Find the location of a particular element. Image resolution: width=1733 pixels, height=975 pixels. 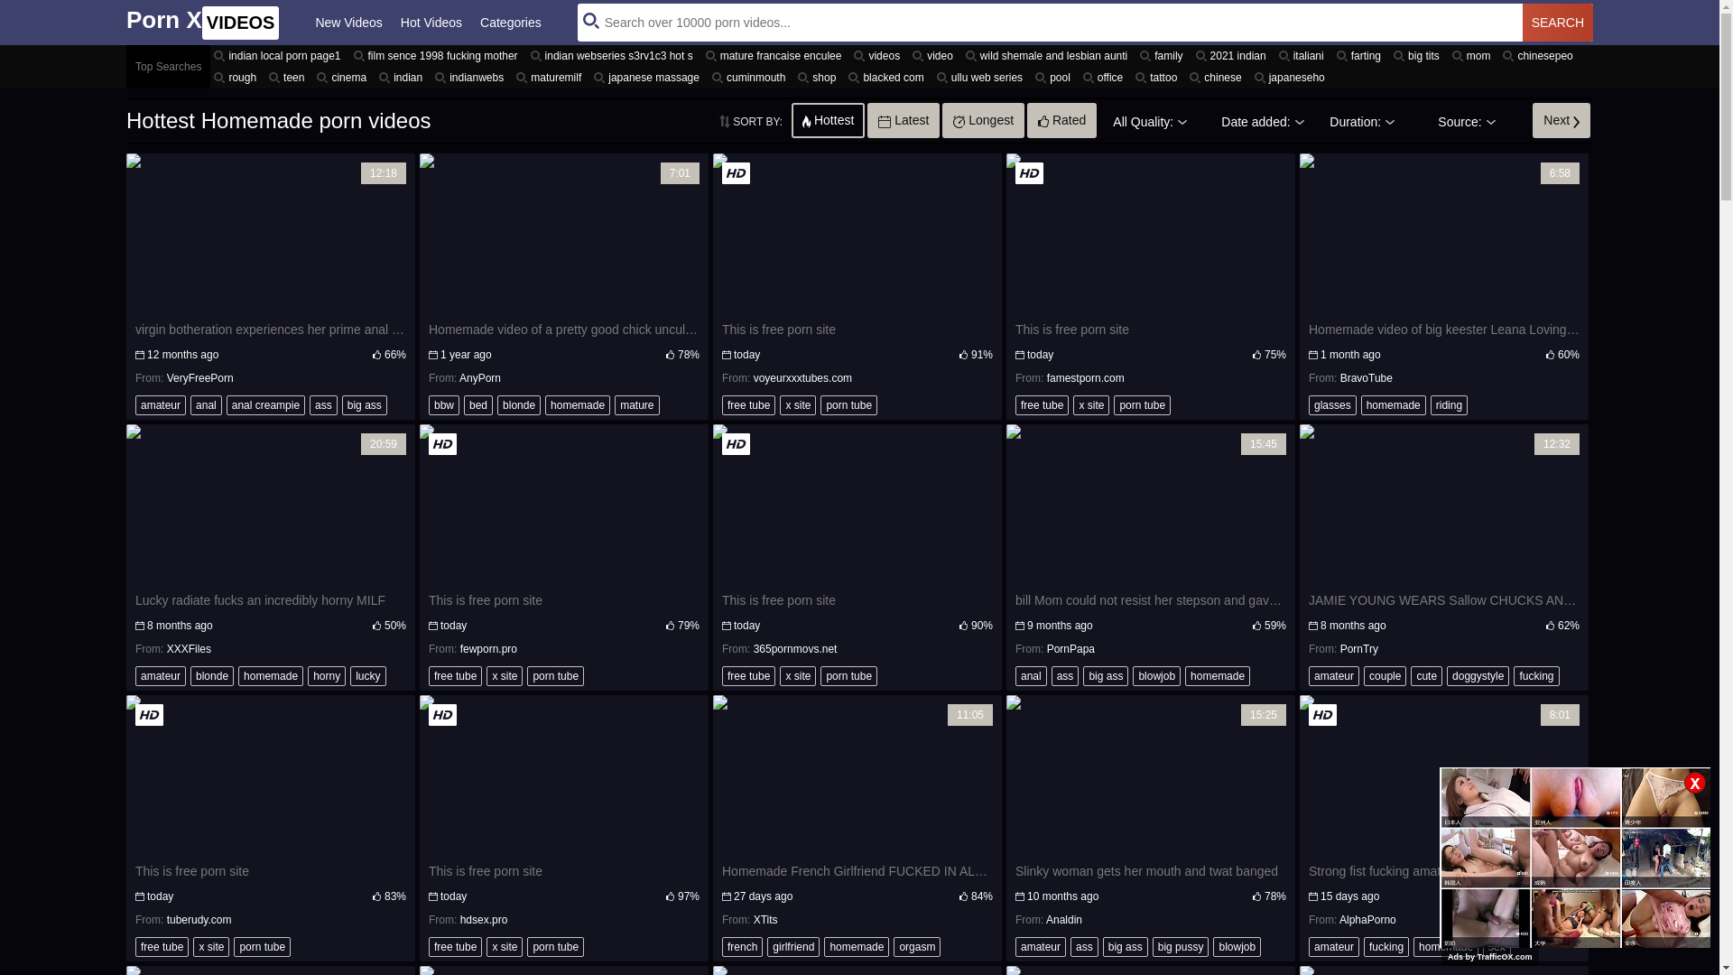

'Hot Videos' is located at coordinates (431, 22).